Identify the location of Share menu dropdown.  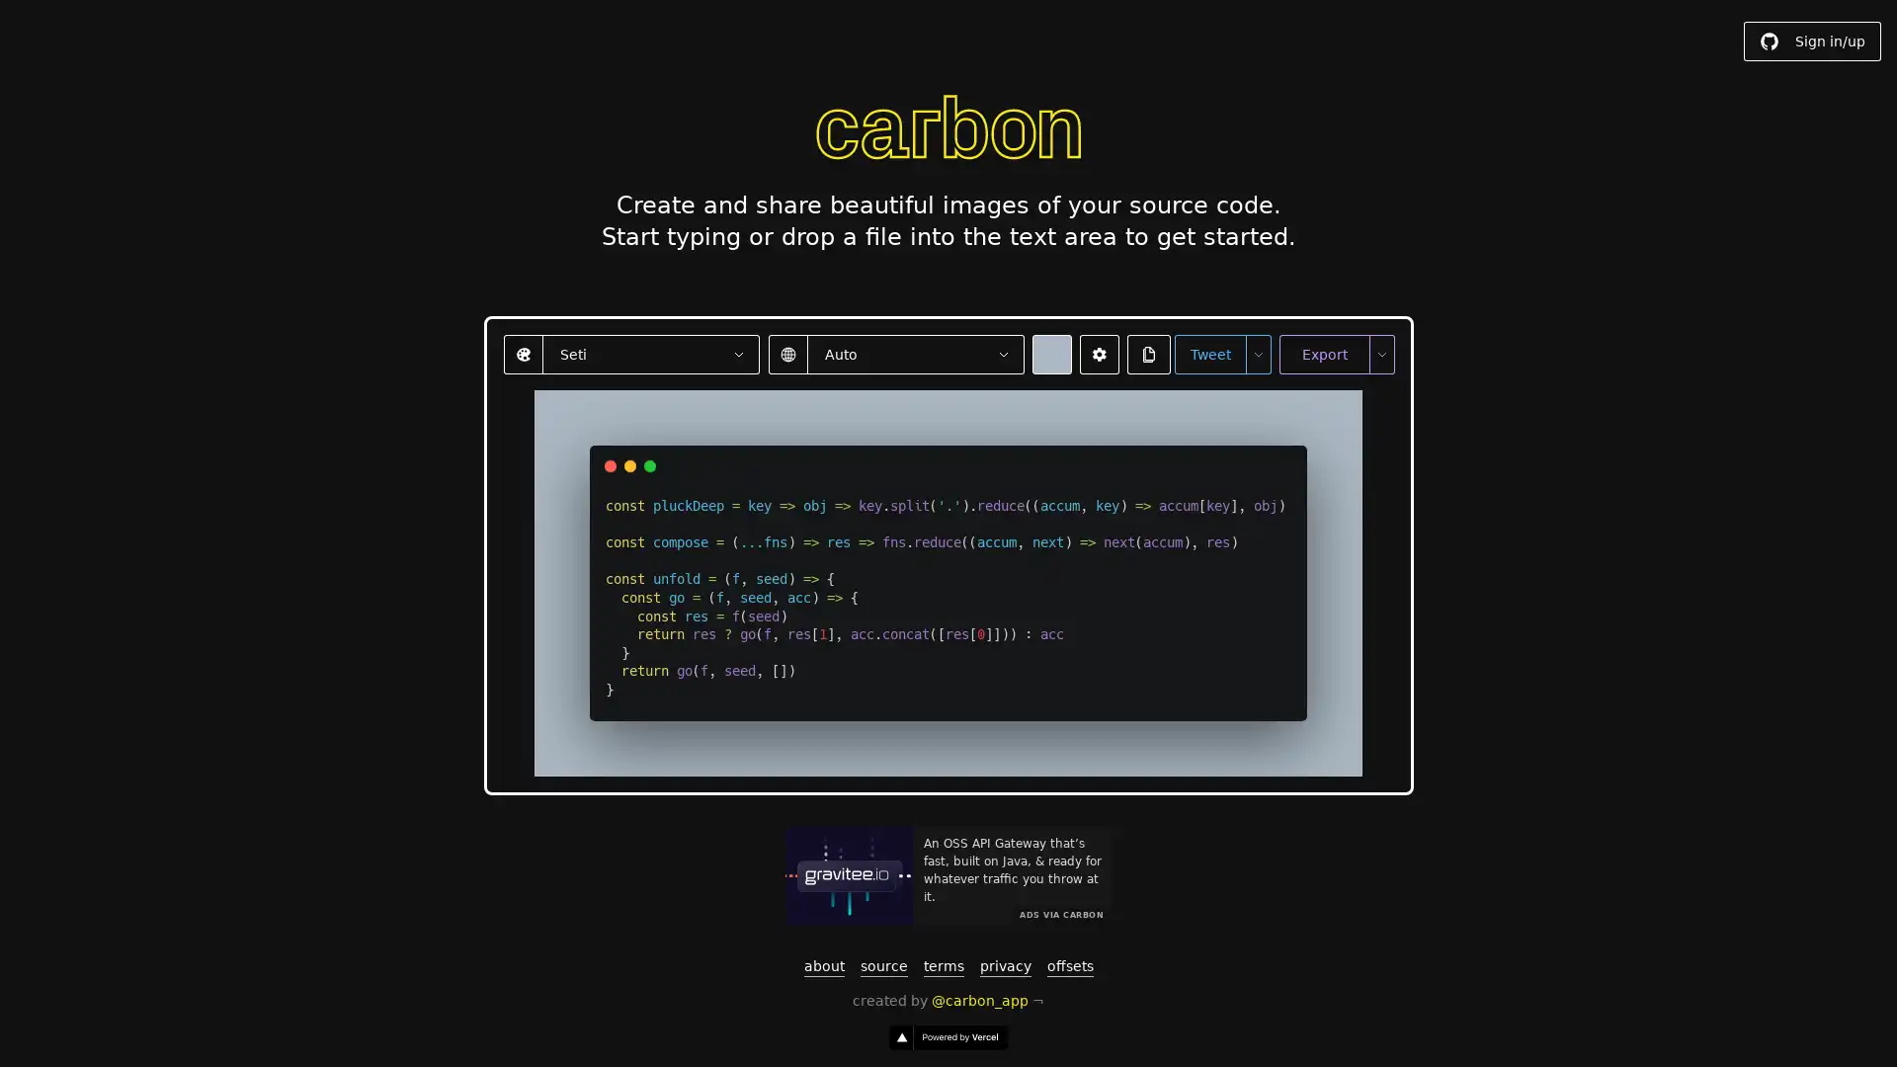
(1256, 353).